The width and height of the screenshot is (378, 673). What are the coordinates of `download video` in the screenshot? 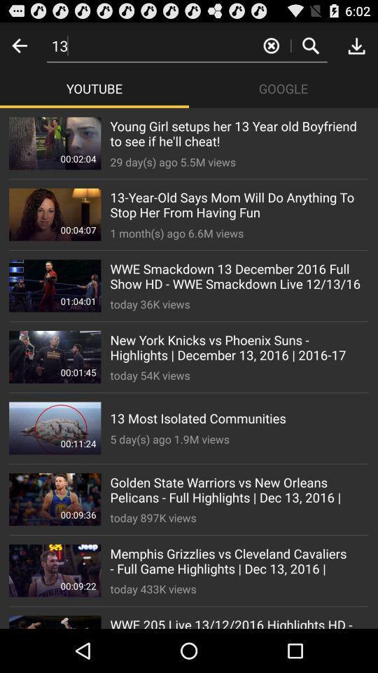 It's located at (356, 46).